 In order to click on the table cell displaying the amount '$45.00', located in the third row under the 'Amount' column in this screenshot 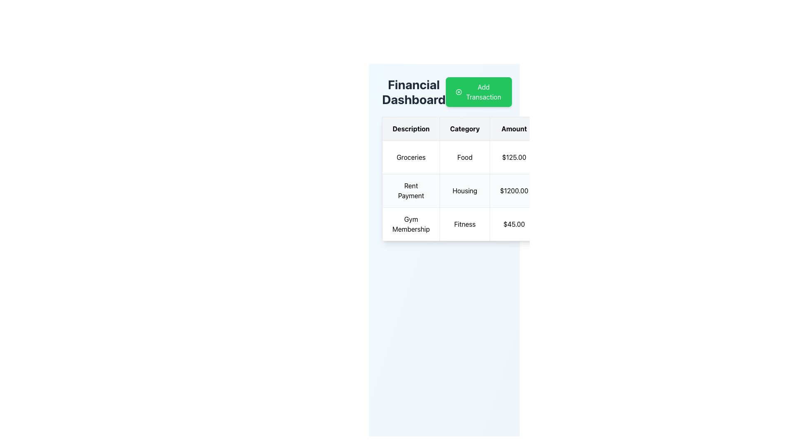, I will do `click(514, 224)`.